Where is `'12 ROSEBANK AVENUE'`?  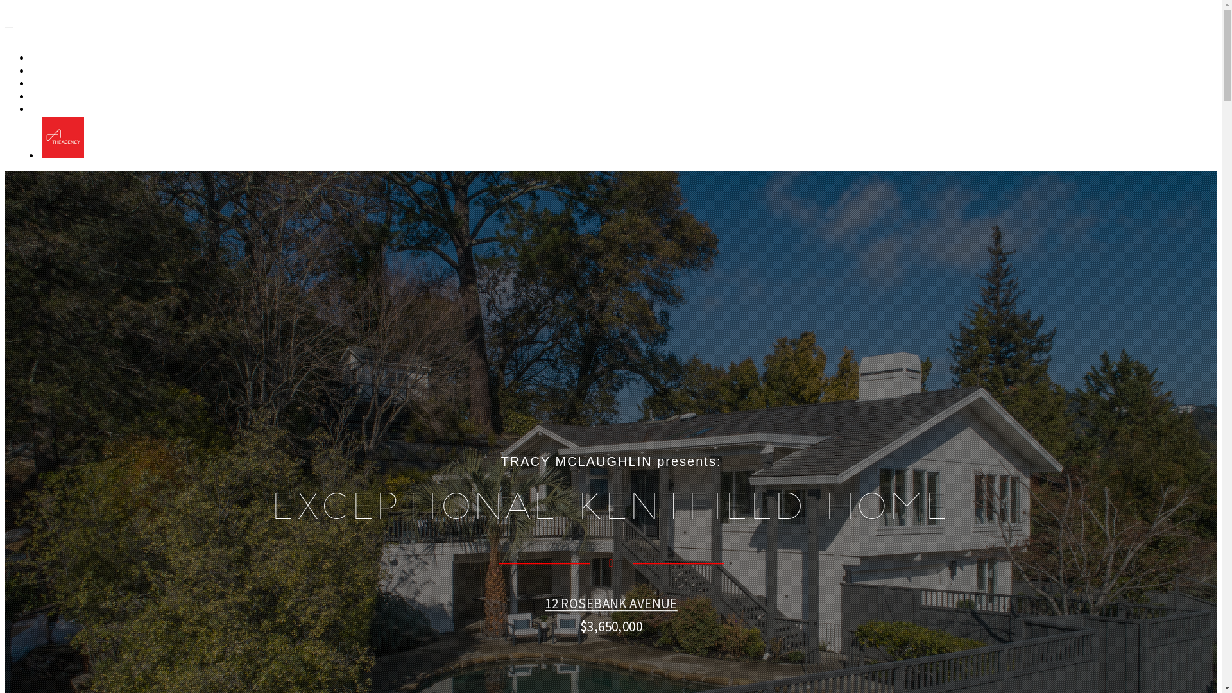
'12 ROSEBANK AVENUE' is located at coordinates (610, 603).